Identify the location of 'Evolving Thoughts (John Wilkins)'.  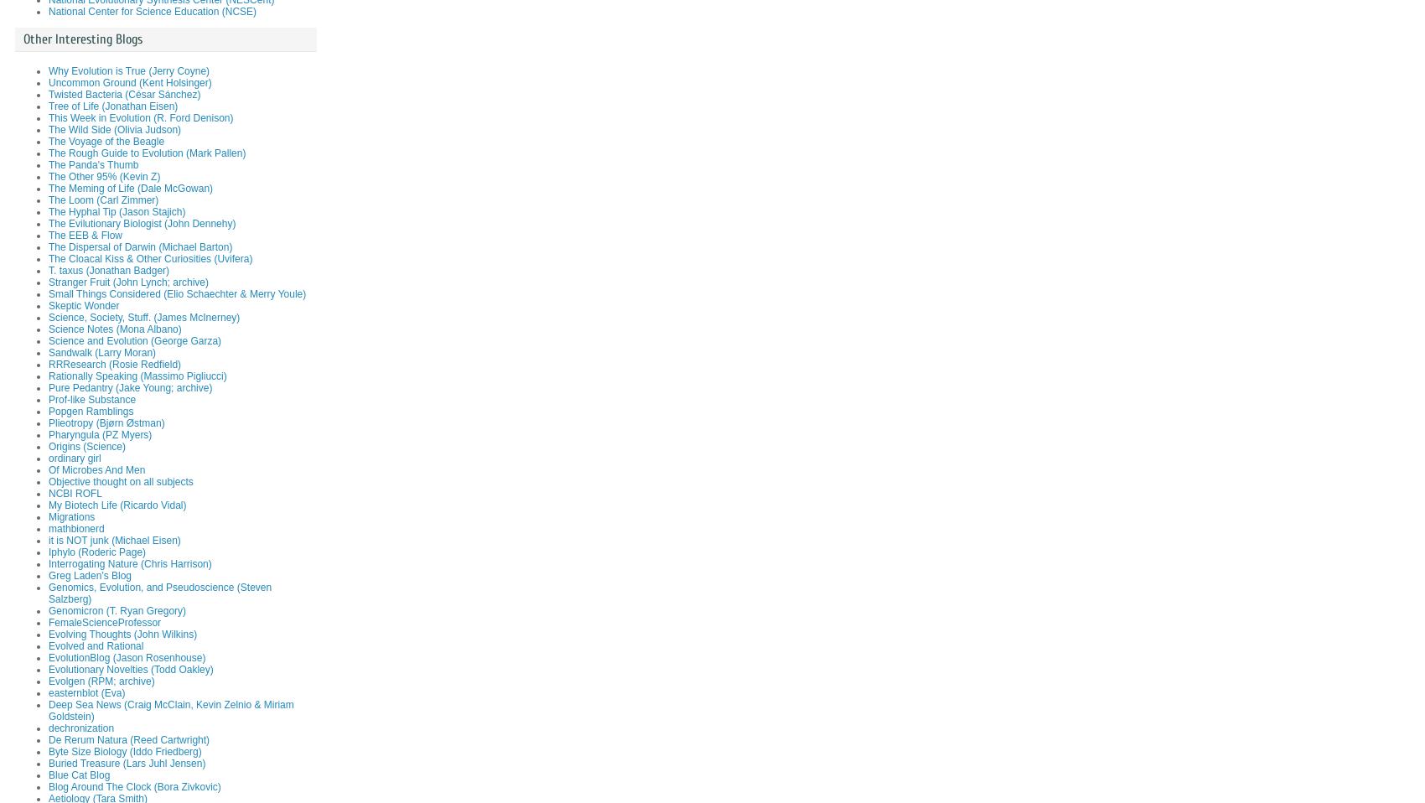
(122, 635).